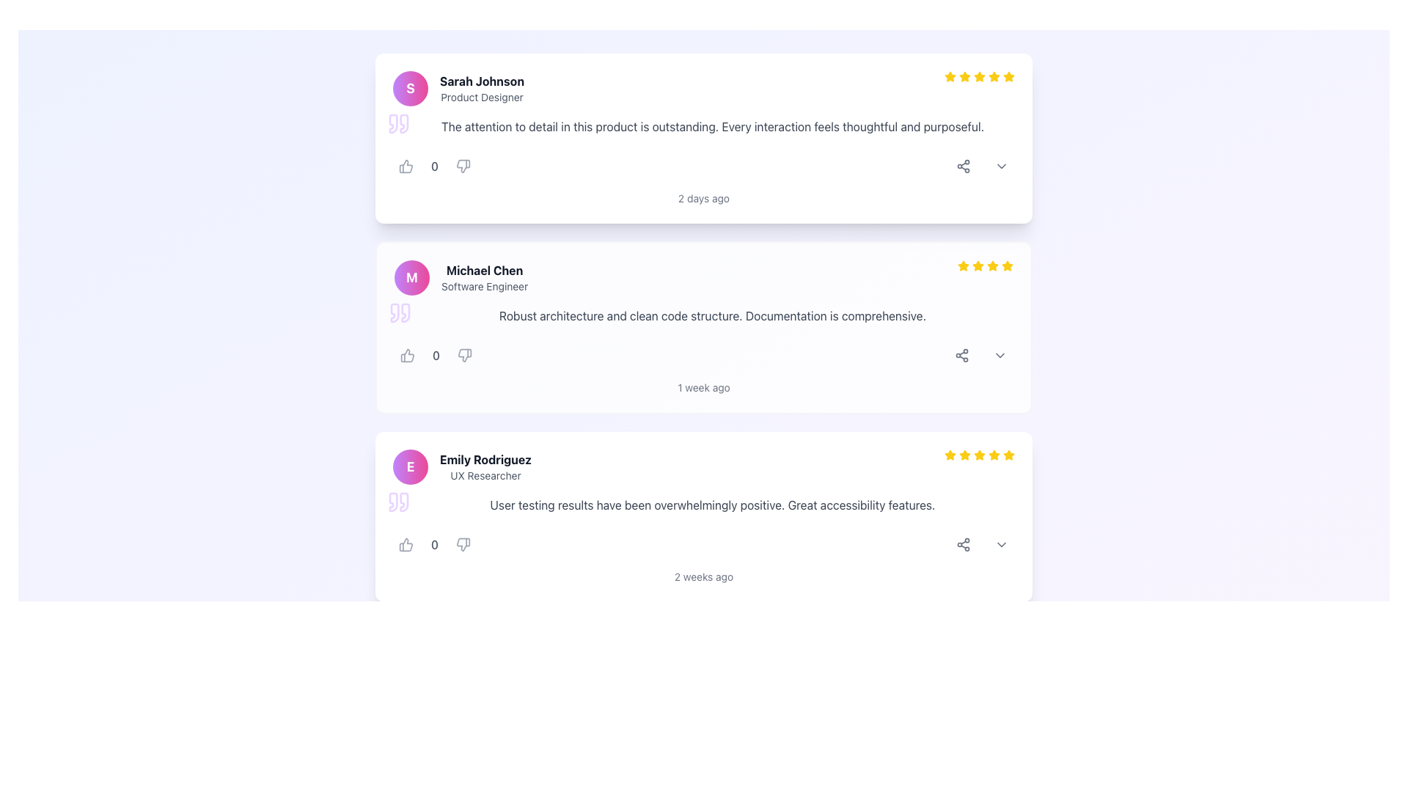 The height and width of the screenshot is (792, 1408). I want to click on the third star icon, which is part of a five-star rating system located in the top-right corner of the second review card containing a review by 'Michael Chen', so click(978, 265).